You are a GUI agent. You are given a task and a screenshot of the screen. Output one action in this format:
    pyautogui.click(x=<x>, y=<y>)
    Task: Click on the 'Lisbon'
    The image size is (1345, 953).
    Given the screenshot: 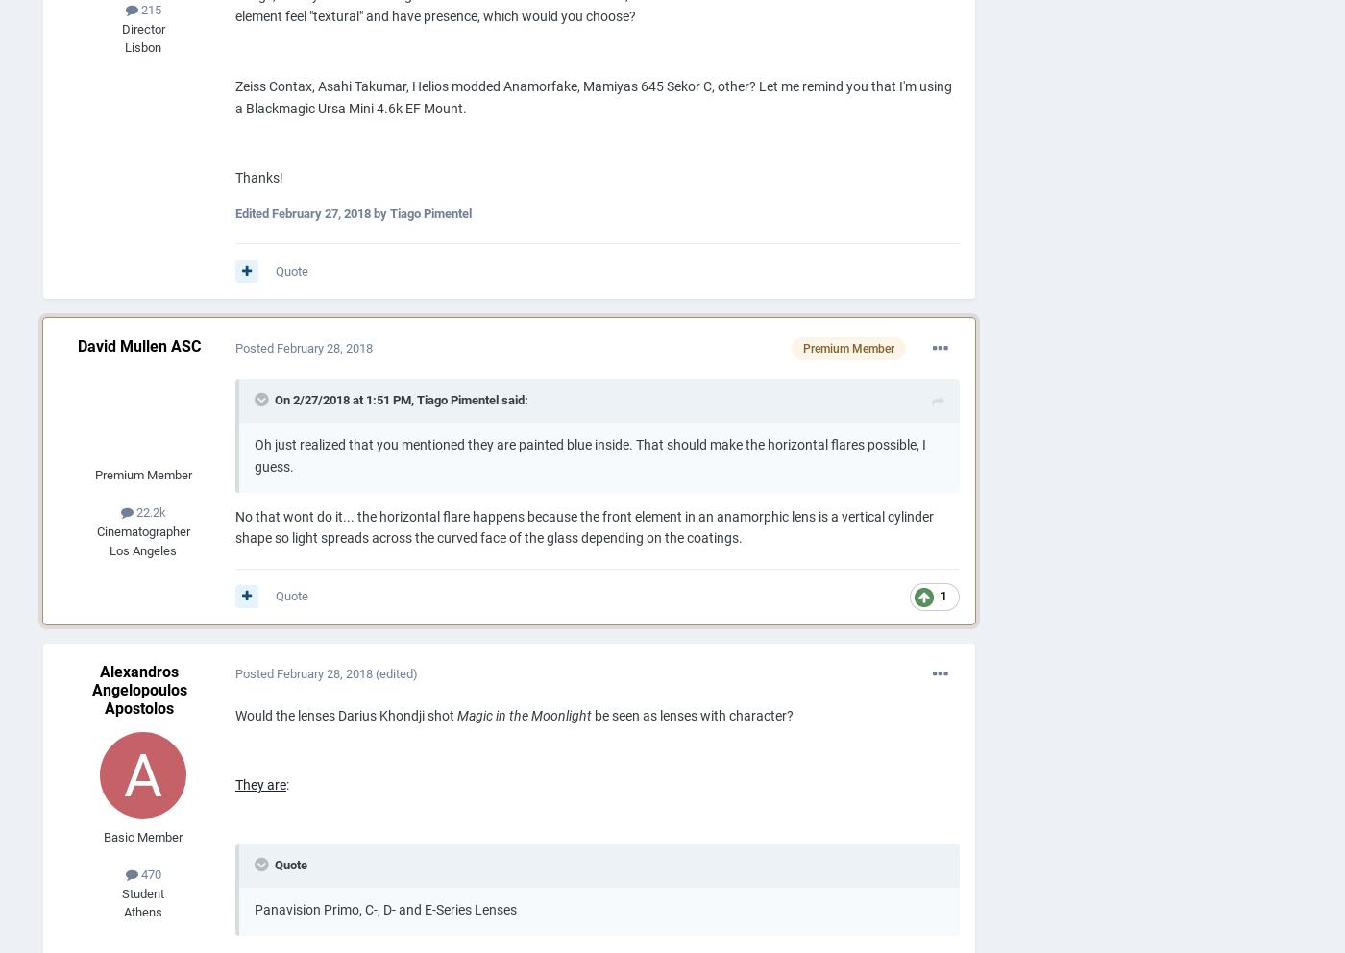 What is the action you would take?
    pyautogui.click(x=142, y=47)
    